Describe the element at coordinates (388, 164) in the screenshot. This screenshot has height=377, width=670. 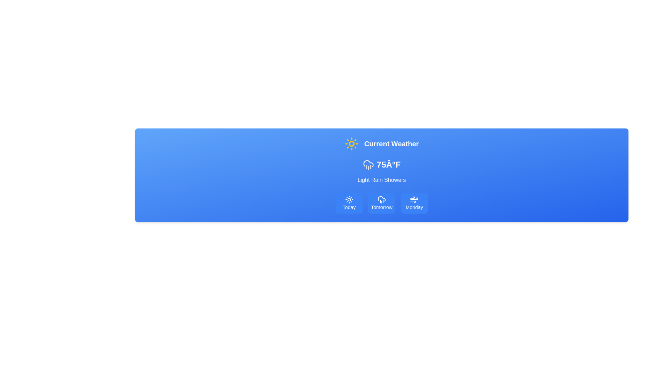
I see `the static text element displaying the current temperature in Fahrenheit, which is centrally located within the blue weather display card under the 'Current Weather' text` at that location.